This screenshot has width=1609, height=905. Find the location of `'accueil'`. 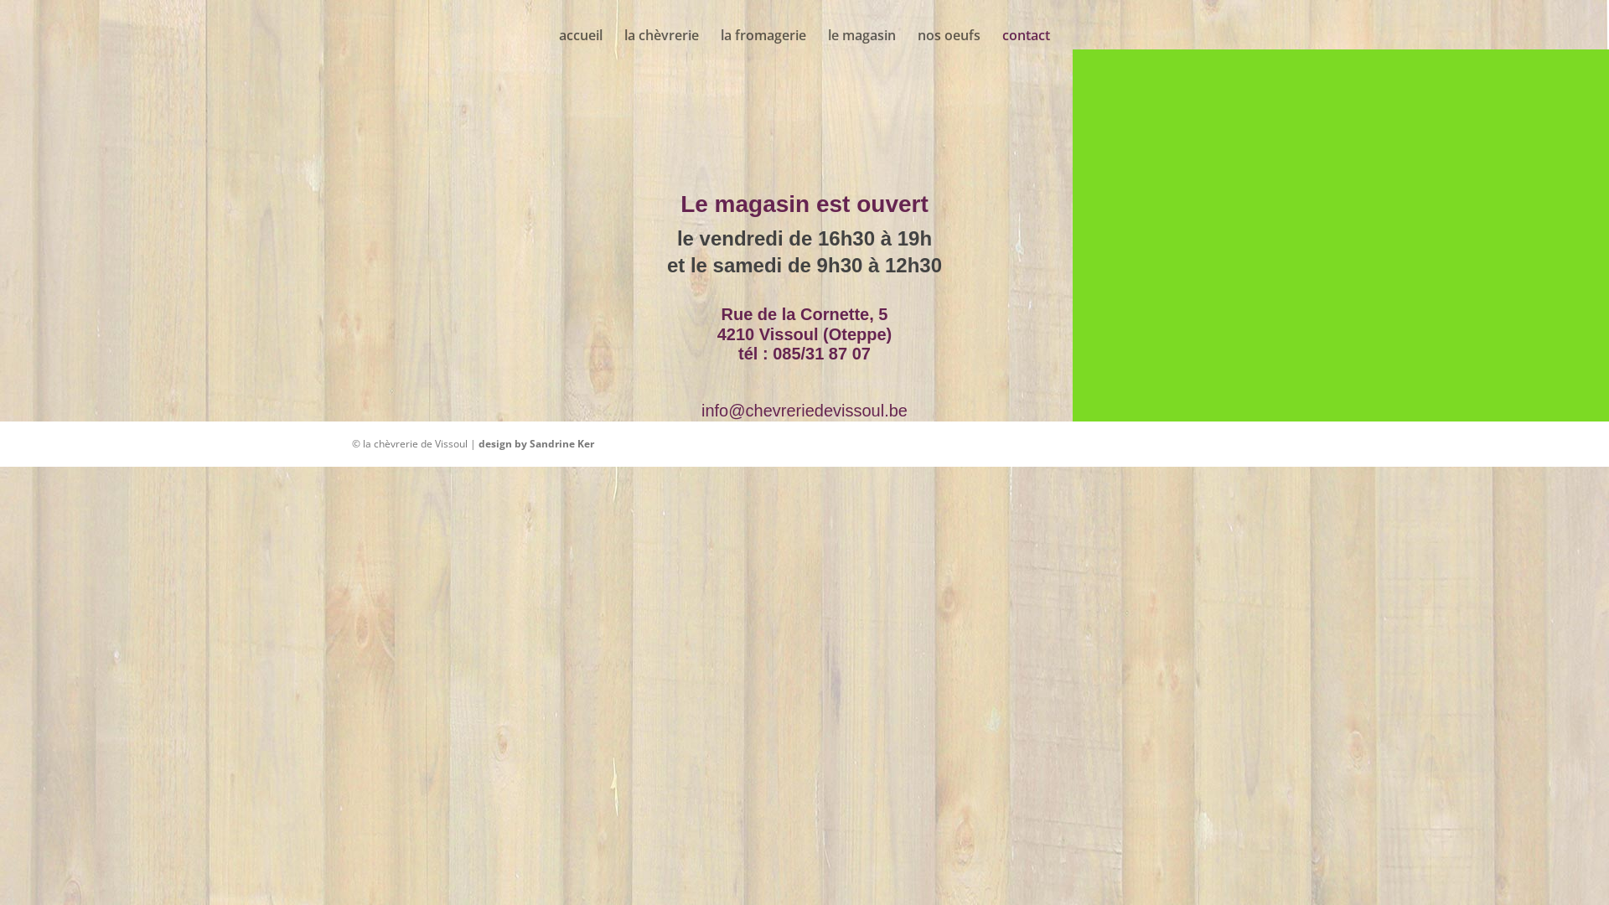

'accueil' is located at coordinates (559, 39).